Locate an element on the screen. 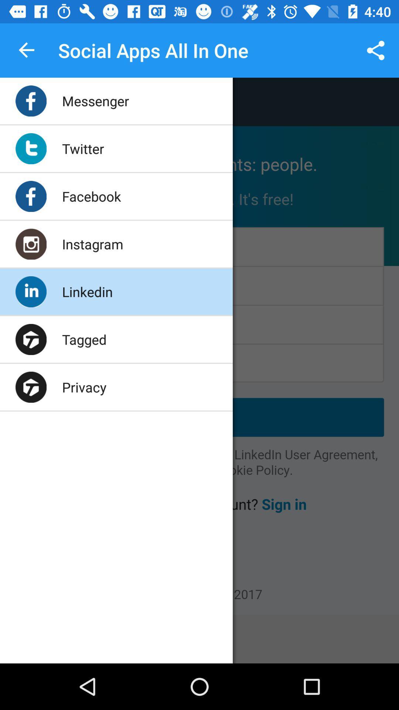 The image size is (399, 710). the icon above the instagram icon is located at coordinates (91, 196).